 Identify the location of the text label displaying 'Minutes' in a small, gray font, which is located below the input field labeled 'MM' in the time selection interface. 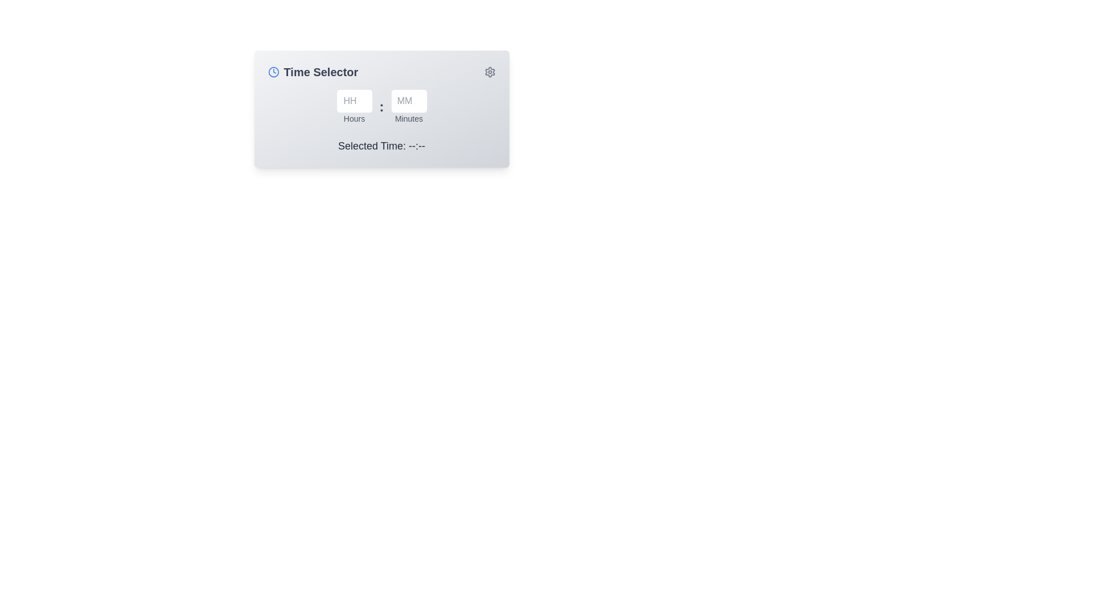
(409, 118).